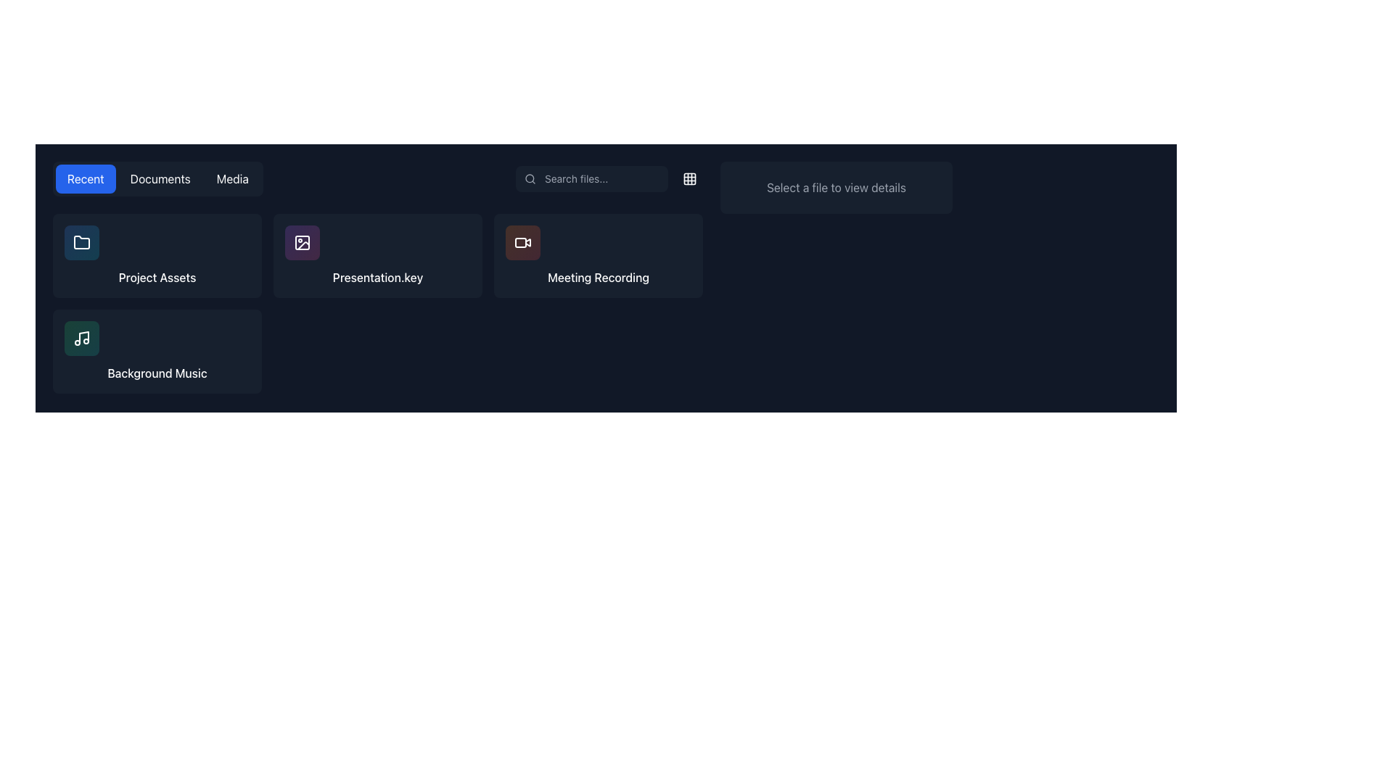 The image size is (1393, 783). I want to click on the folder icon representing 'Project Assets' located in the first box of the grid under the 'Recent' tab, so click(81, 241).